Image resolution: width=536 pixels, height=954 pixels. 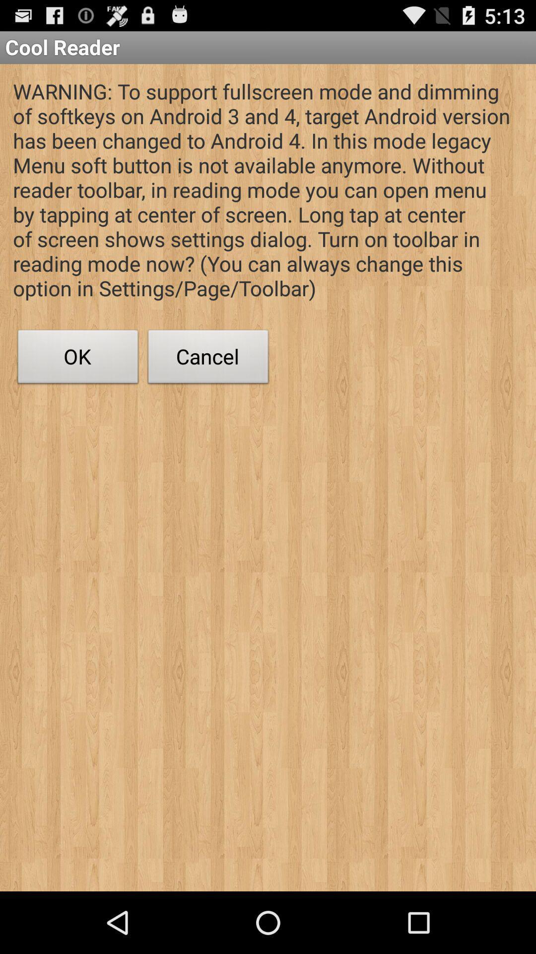 What do you see at coordinates (77, 359) in the screenshot?
I see `icon on the left` at bounding box center [77, 359].